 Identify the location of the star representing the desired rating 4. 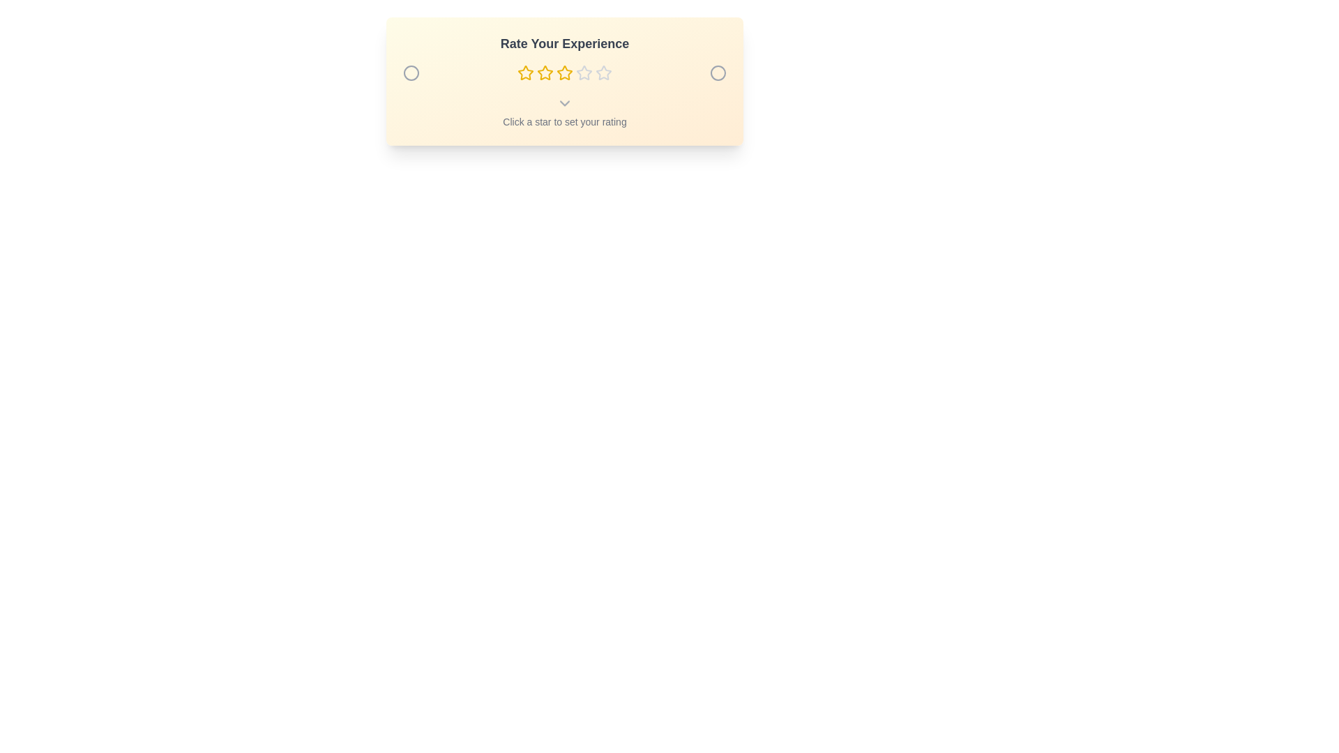
(584, 73).